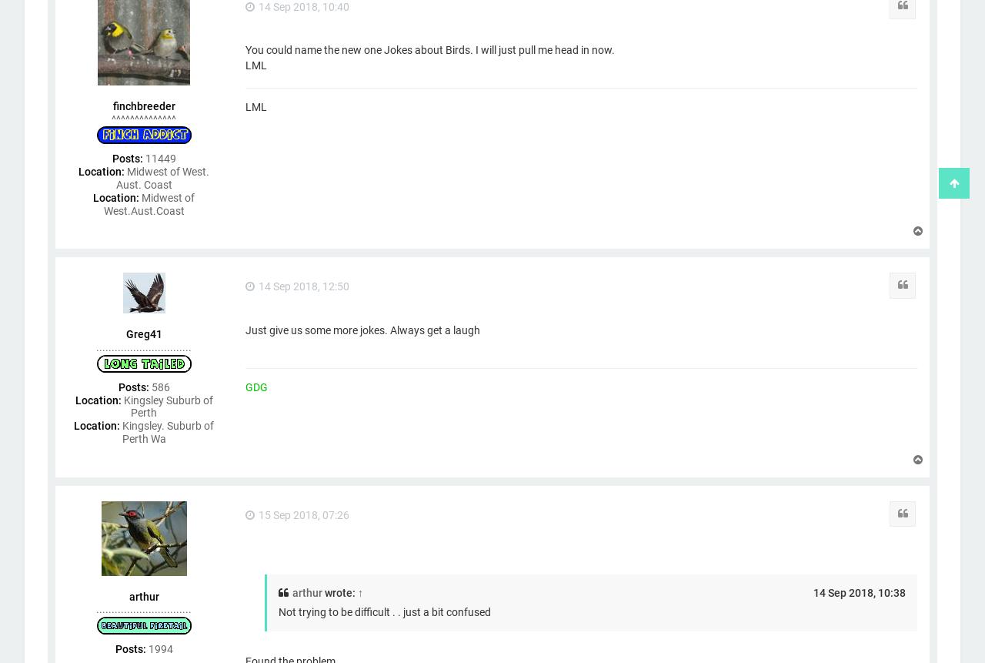 The image size is (985, 663). What do you see at coordinates (256, 386) in the screenshot?
I see `'GDG'` at bounding box center [256, 386].